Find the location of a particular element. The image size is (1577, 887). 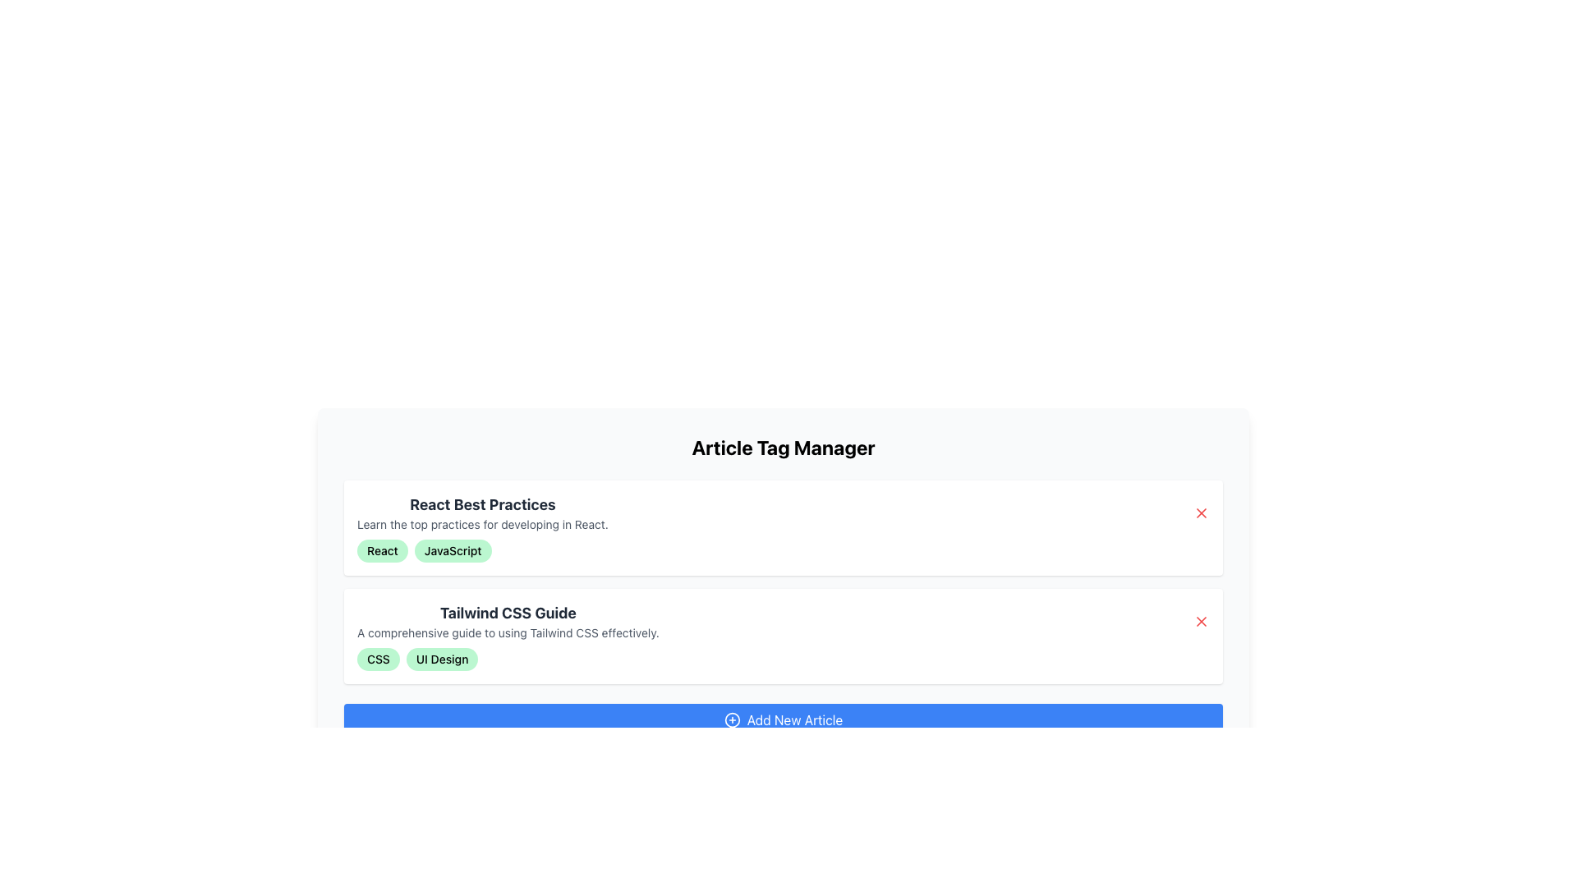

the text display that reads 'A comprehensive guide to using Tailwind CSS effectively.' positioned beneath the 'Tailwind CSS Guide' header is located at coordinates (507, 632).